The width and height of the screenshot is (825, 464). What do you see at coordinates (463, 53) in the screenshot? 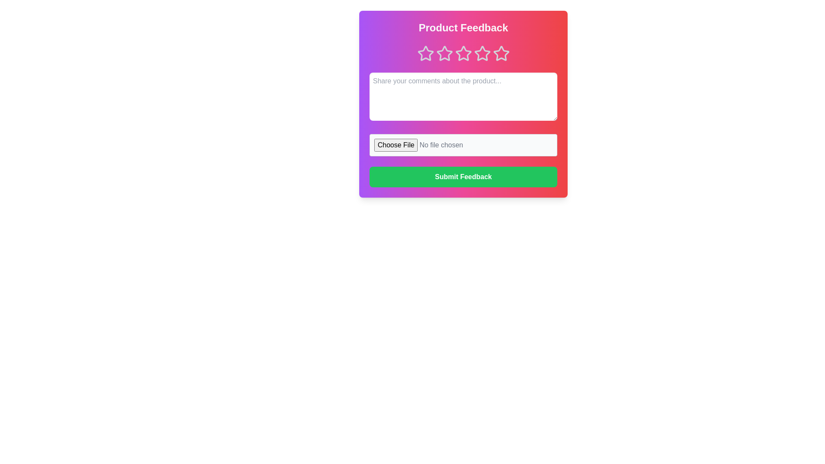
I see `the second star icon in the horizontal row of five stars for tooltip or highlighting feedback` at bounding box center [463, 53].